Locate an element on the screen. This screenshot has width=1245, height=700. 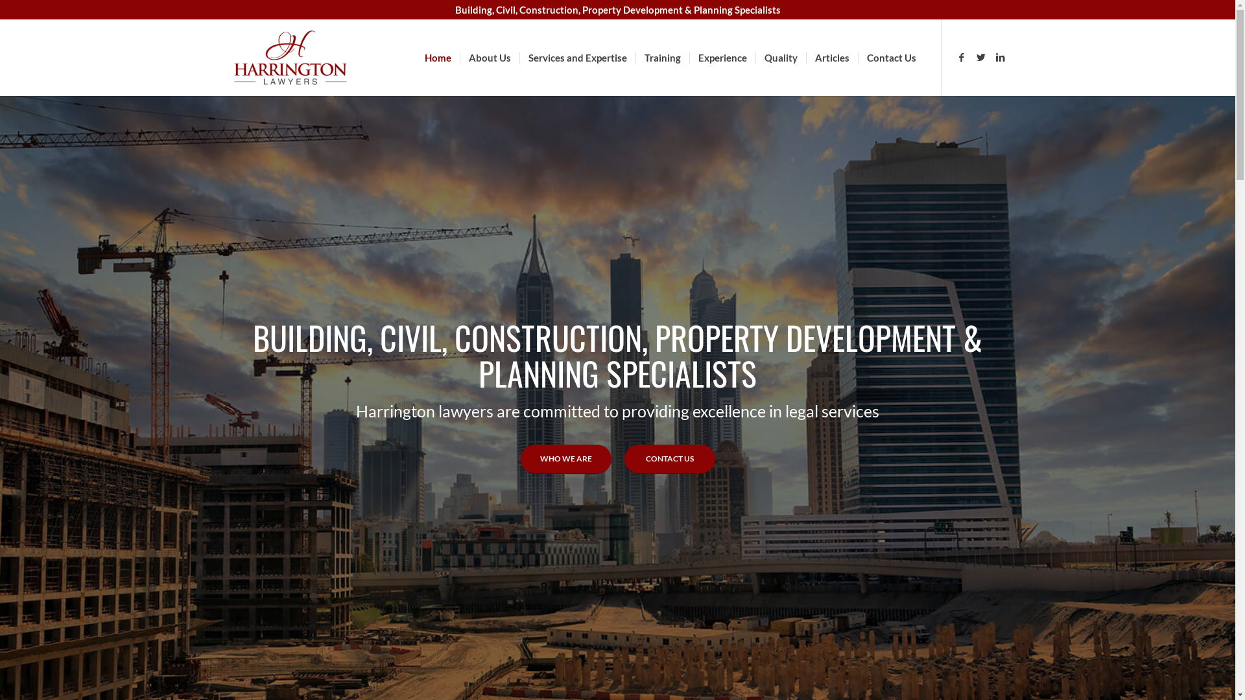
'Experience' is located at coordinates (721, 56).